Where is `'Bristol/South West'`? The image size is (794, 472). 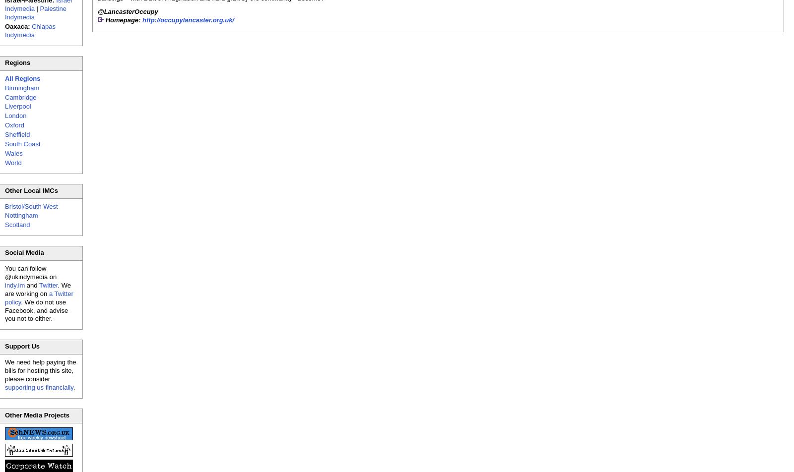 'Bristol/South West' is located at coordinates (4, 206).